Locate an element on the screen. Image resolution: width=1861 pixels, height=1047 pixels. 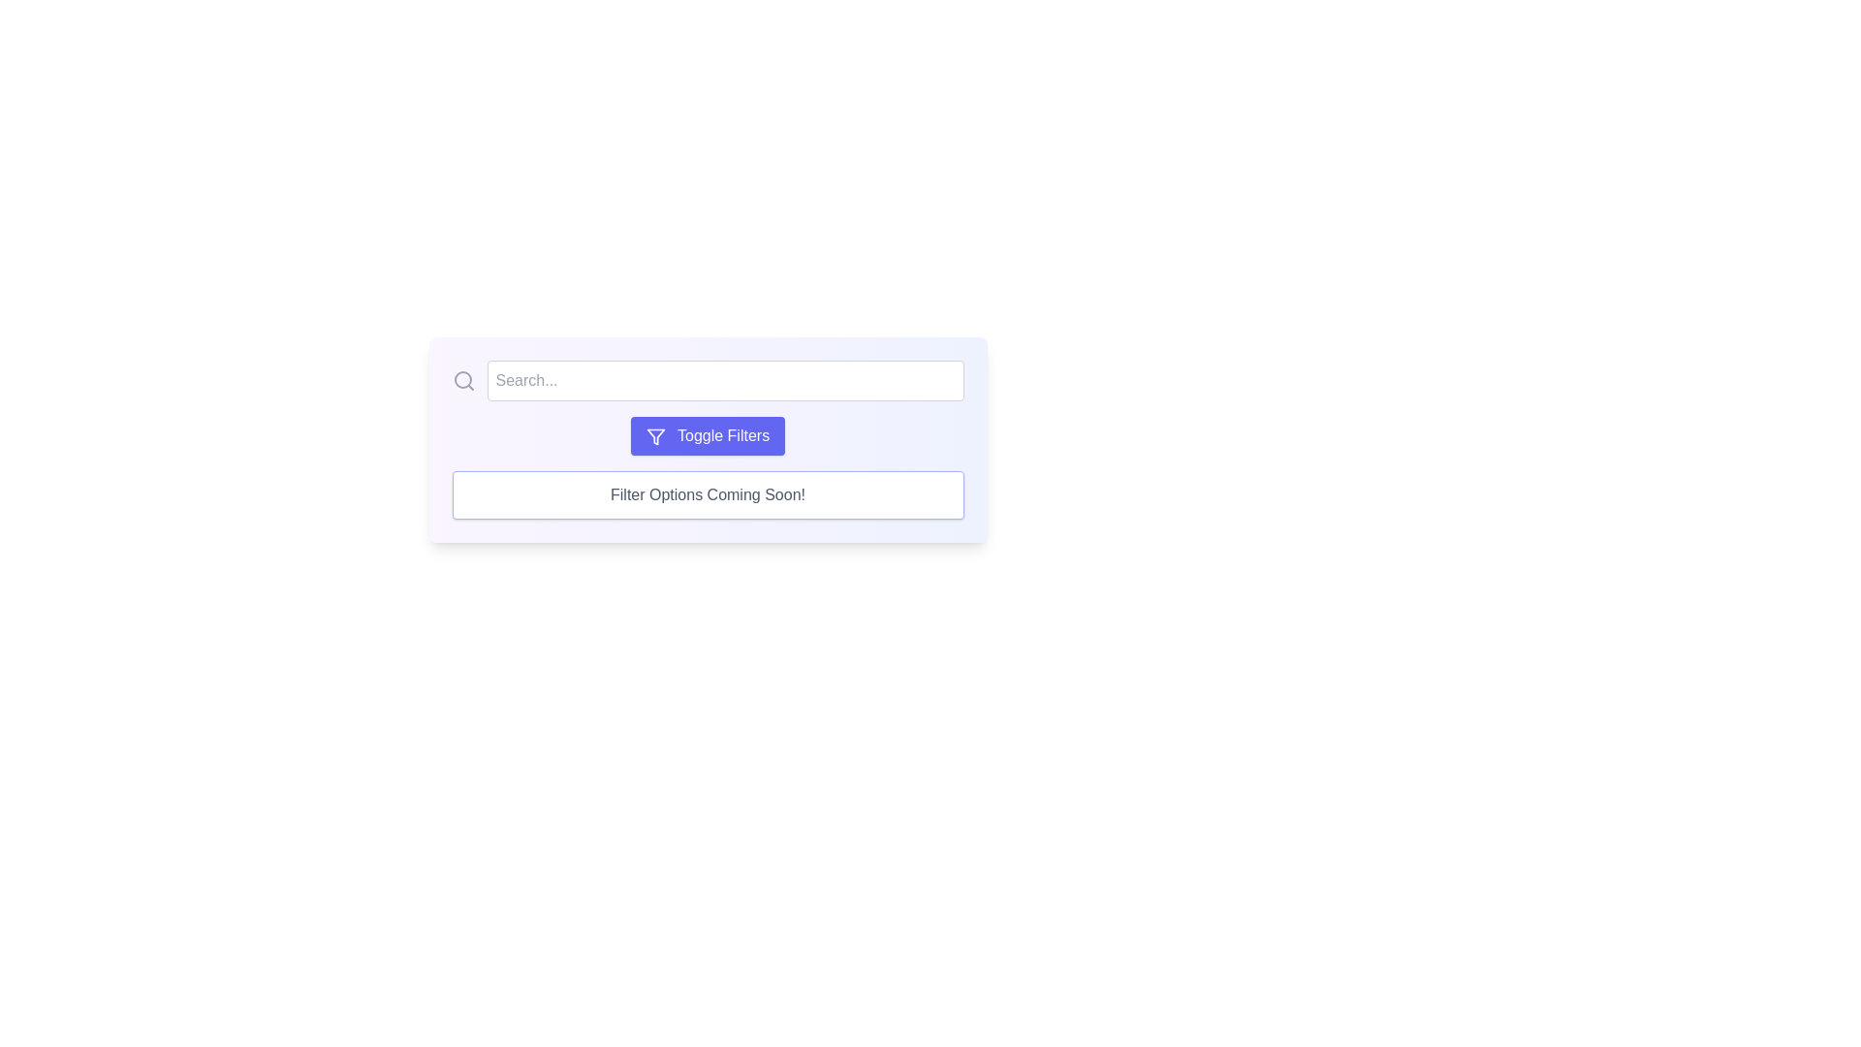
the filter icon within the 'Toggle Filters' button, located towards the left side of the label text is located at coordinates (655, 436).